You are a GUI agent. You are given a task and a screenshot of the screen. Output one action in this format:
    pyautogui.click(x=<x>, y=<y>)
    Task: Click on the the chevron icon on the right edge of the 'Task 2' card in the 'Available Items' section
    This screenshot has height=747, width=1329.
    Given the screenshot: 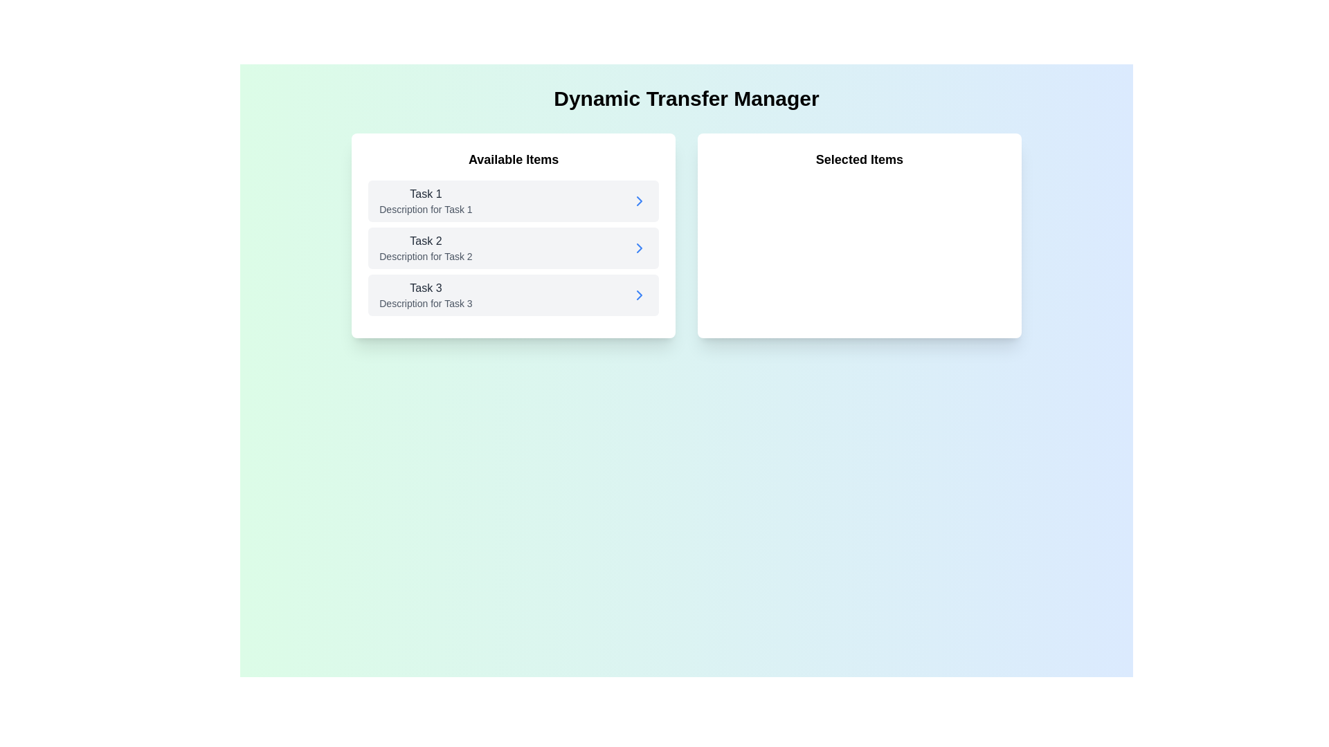 What is the action you would take?
    pyautogui.click(x=639, y=295)
    